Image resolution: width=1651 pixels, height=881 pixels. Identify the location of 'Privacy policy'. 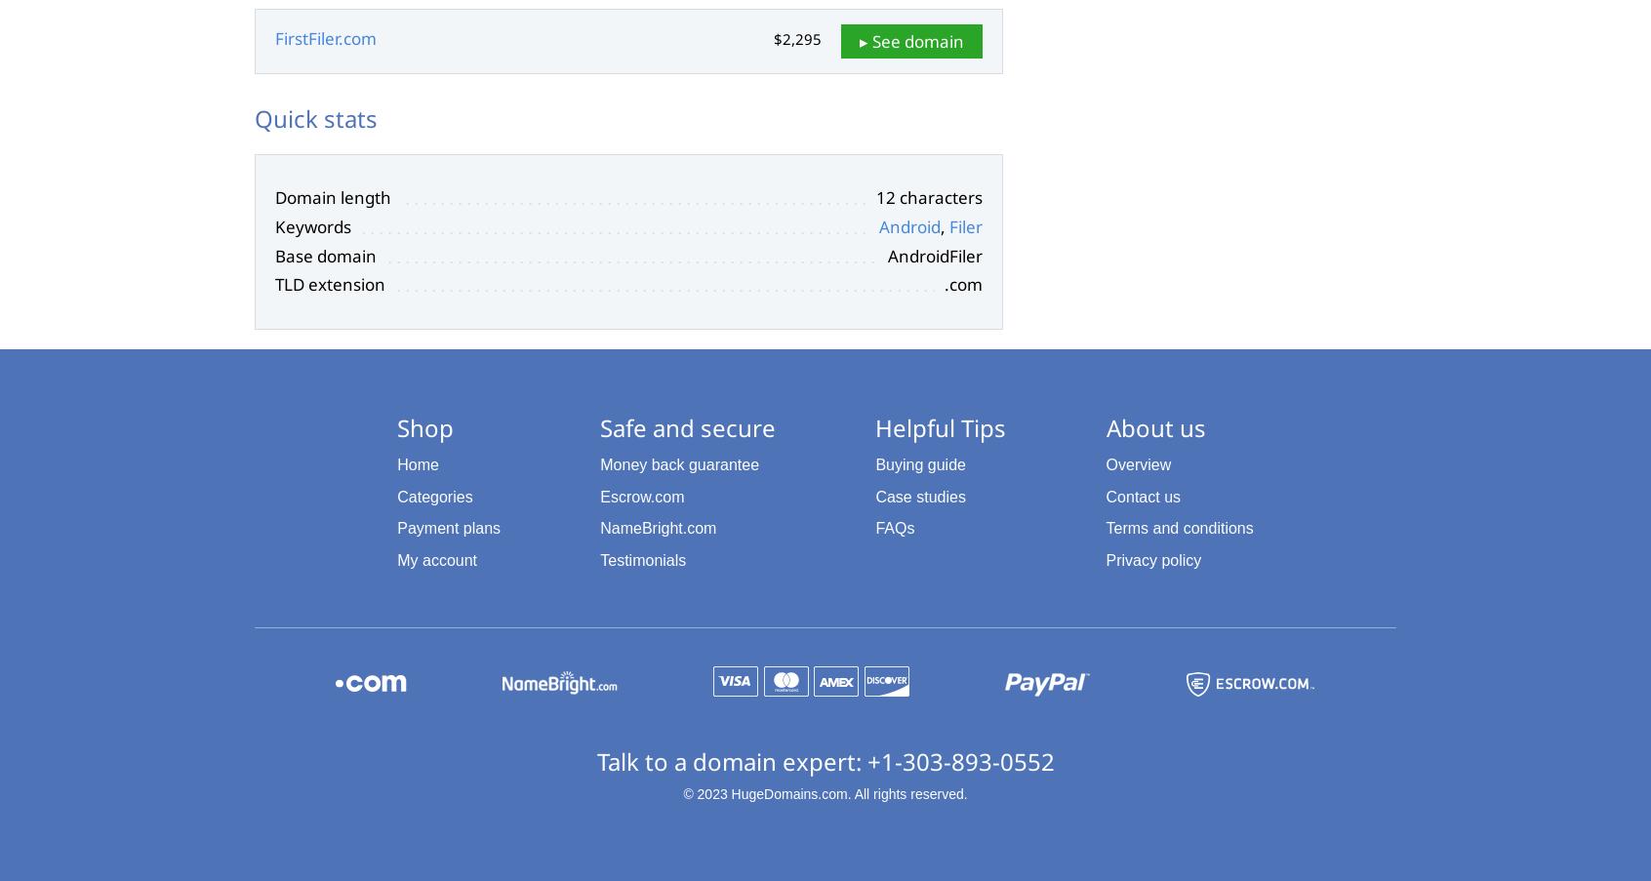
(1104, 559).